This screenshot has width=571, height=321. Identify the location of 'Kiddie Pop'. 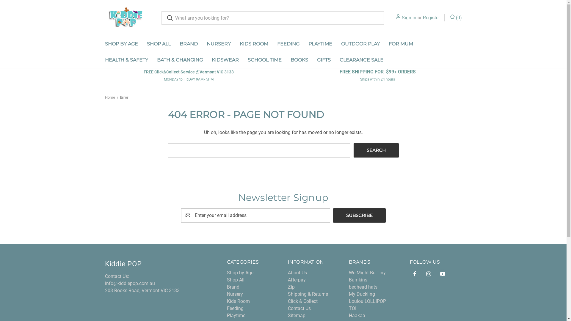
(104, 18).